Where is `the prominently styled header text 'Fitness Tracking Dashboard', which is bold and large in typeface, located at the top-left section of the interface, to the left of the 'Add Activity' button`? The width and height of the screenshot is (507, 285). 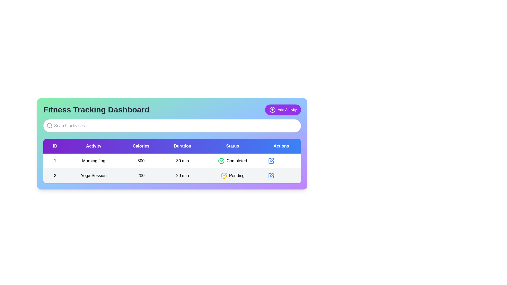
the prominently styled header text 'Fitness Tracking Dashboard', which is bold and large in typeface, located at the top-left section of the interface, to the left of the 'Add Activity' button is located at coordinates (96, 110).